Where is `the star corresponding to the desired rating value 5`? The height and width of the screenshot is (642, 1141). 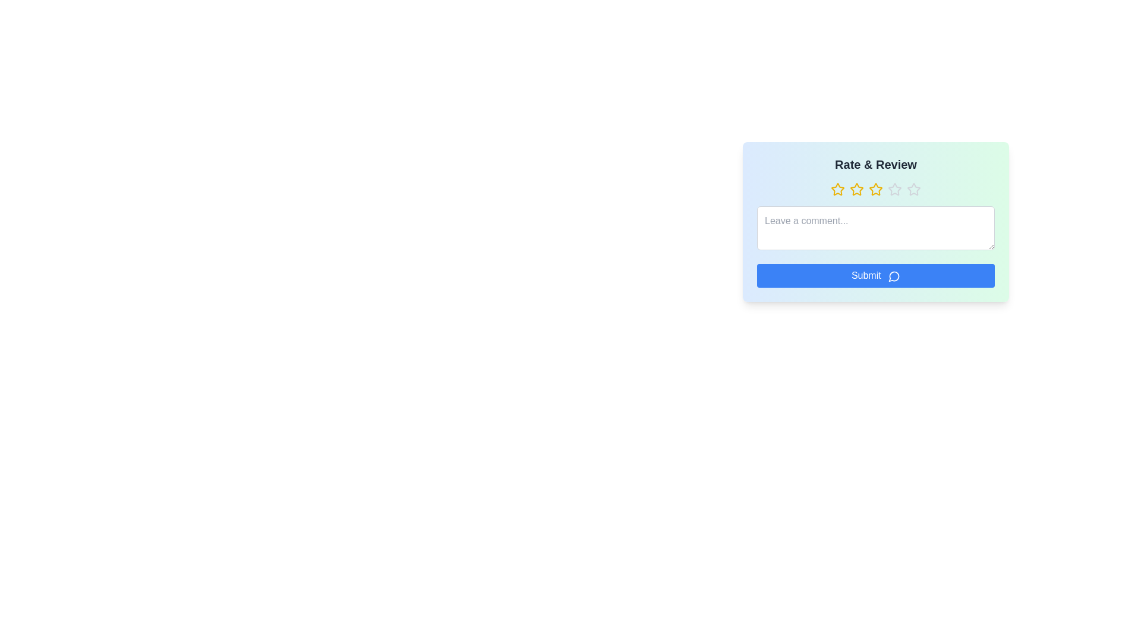
the star corresponding to the desired rating value 5 is located at coordinates (913, 189).